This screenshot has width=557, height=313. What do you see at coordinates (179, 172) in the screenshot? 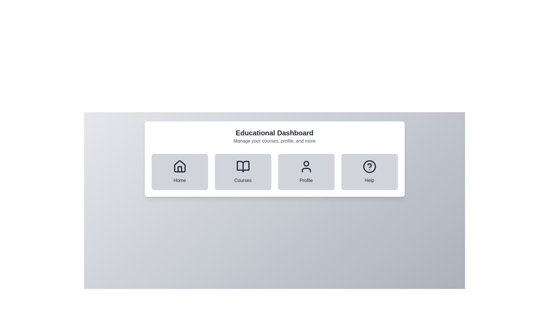
I see `the 'Home' button, which is a rectangular button with rounded corners, featuring a house icon and the label 'Home' underneath it, located in the first position of the grid layout under the 'Educational Dashboard'` at bounding box center [179, 172].